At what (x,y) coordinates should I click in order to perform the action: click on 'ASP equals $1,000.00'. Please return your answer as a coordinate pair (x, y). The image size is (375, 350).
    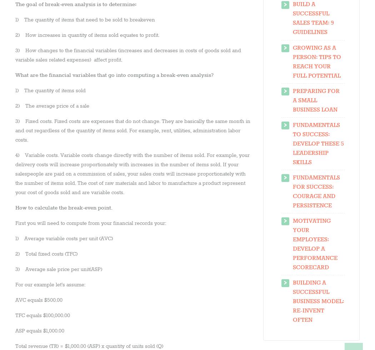
    Looking at the image, I should click on (15, 330).